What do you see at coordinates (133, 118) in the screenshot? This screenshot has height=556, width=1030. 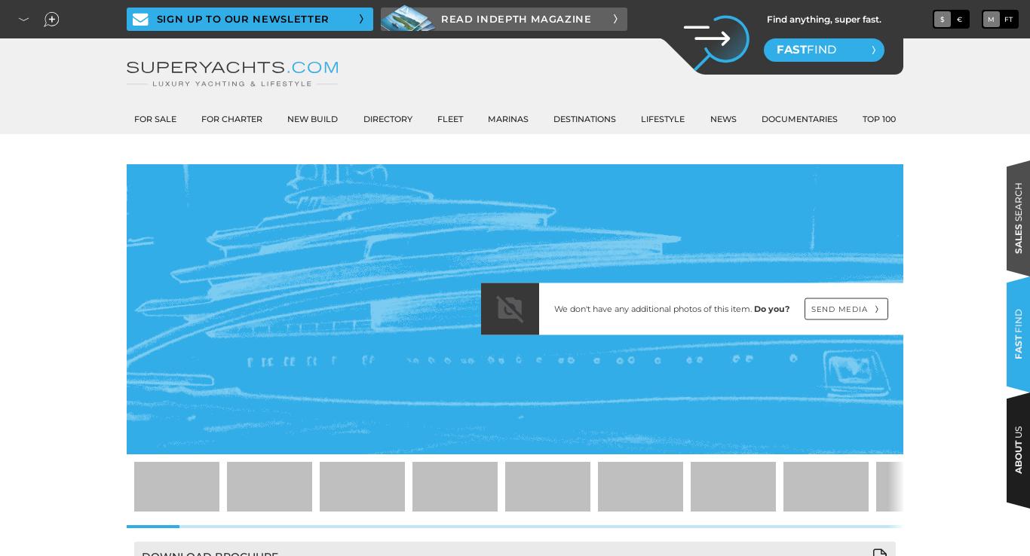 I see `'For sale'` at bounding box center [133, 118].